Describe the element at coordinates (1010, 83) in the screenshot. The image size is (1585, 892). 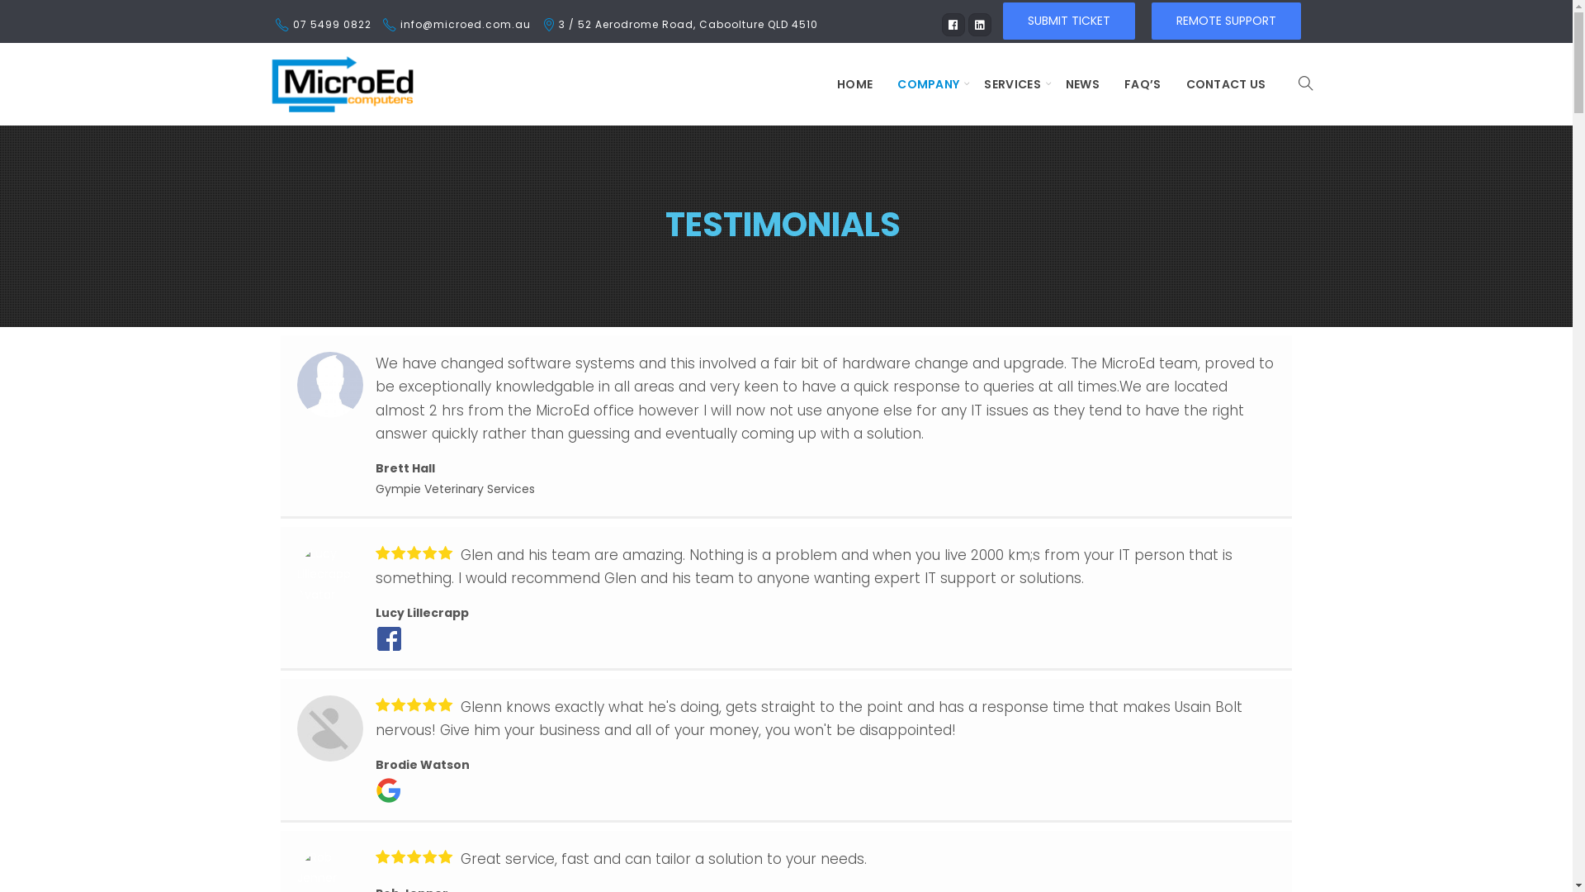
I see `'SERVICES'` at that location.